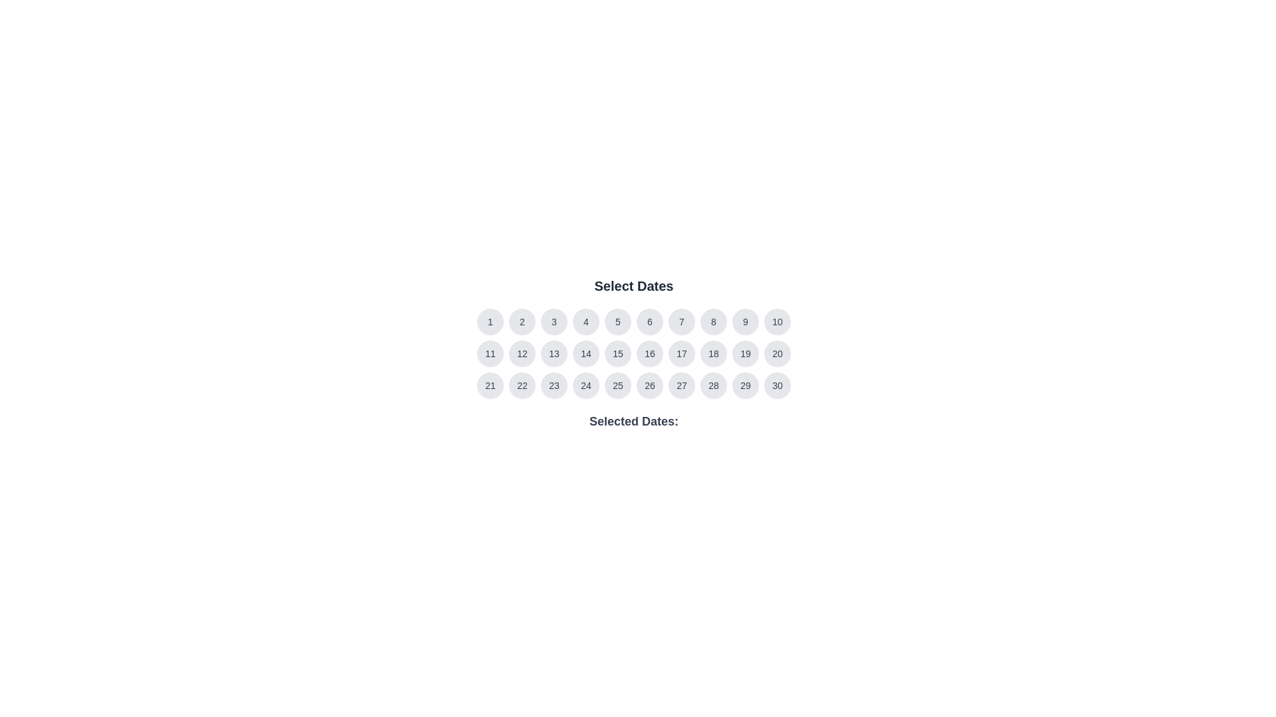  What do you see at coordinates (778, 322) in the screenshot?
I see `the circular button displaying the number '10' with a light gray background located at the topmost row, rightmost position among the grid of buttons` at bounding box center [778, 322].